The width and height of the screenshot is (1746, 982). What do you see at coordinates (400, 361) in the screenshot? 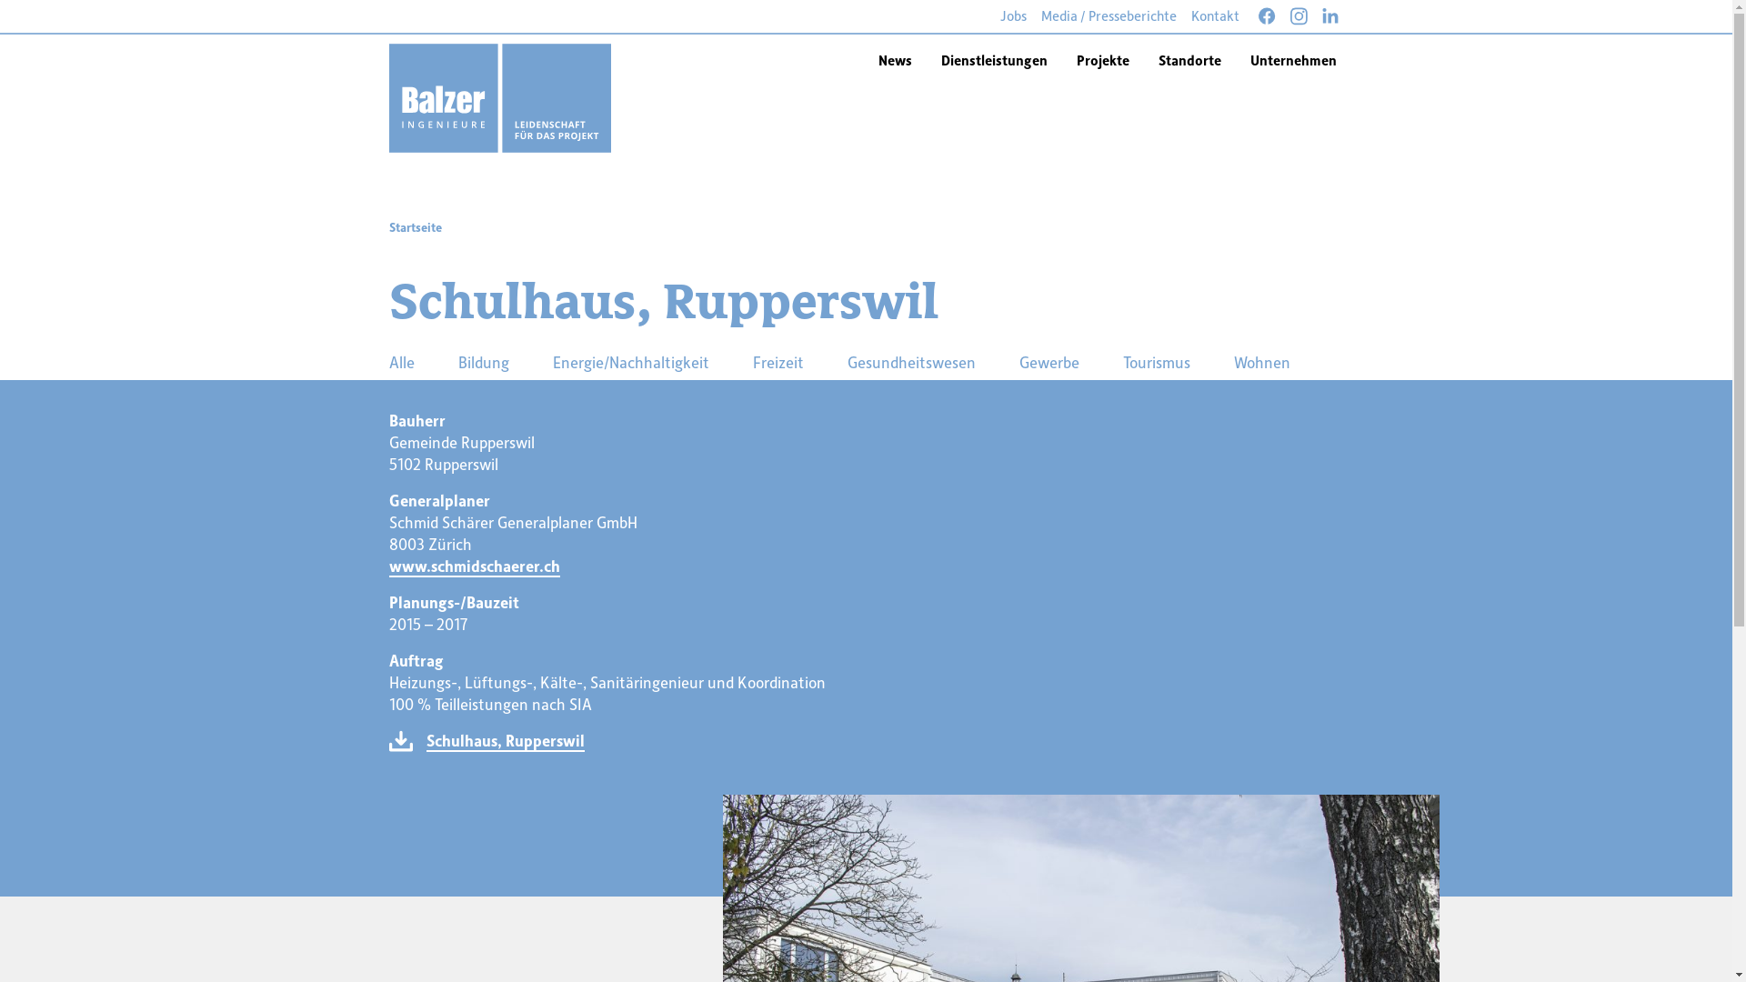
I see `'Alle'` at bounding box center [400, 361].